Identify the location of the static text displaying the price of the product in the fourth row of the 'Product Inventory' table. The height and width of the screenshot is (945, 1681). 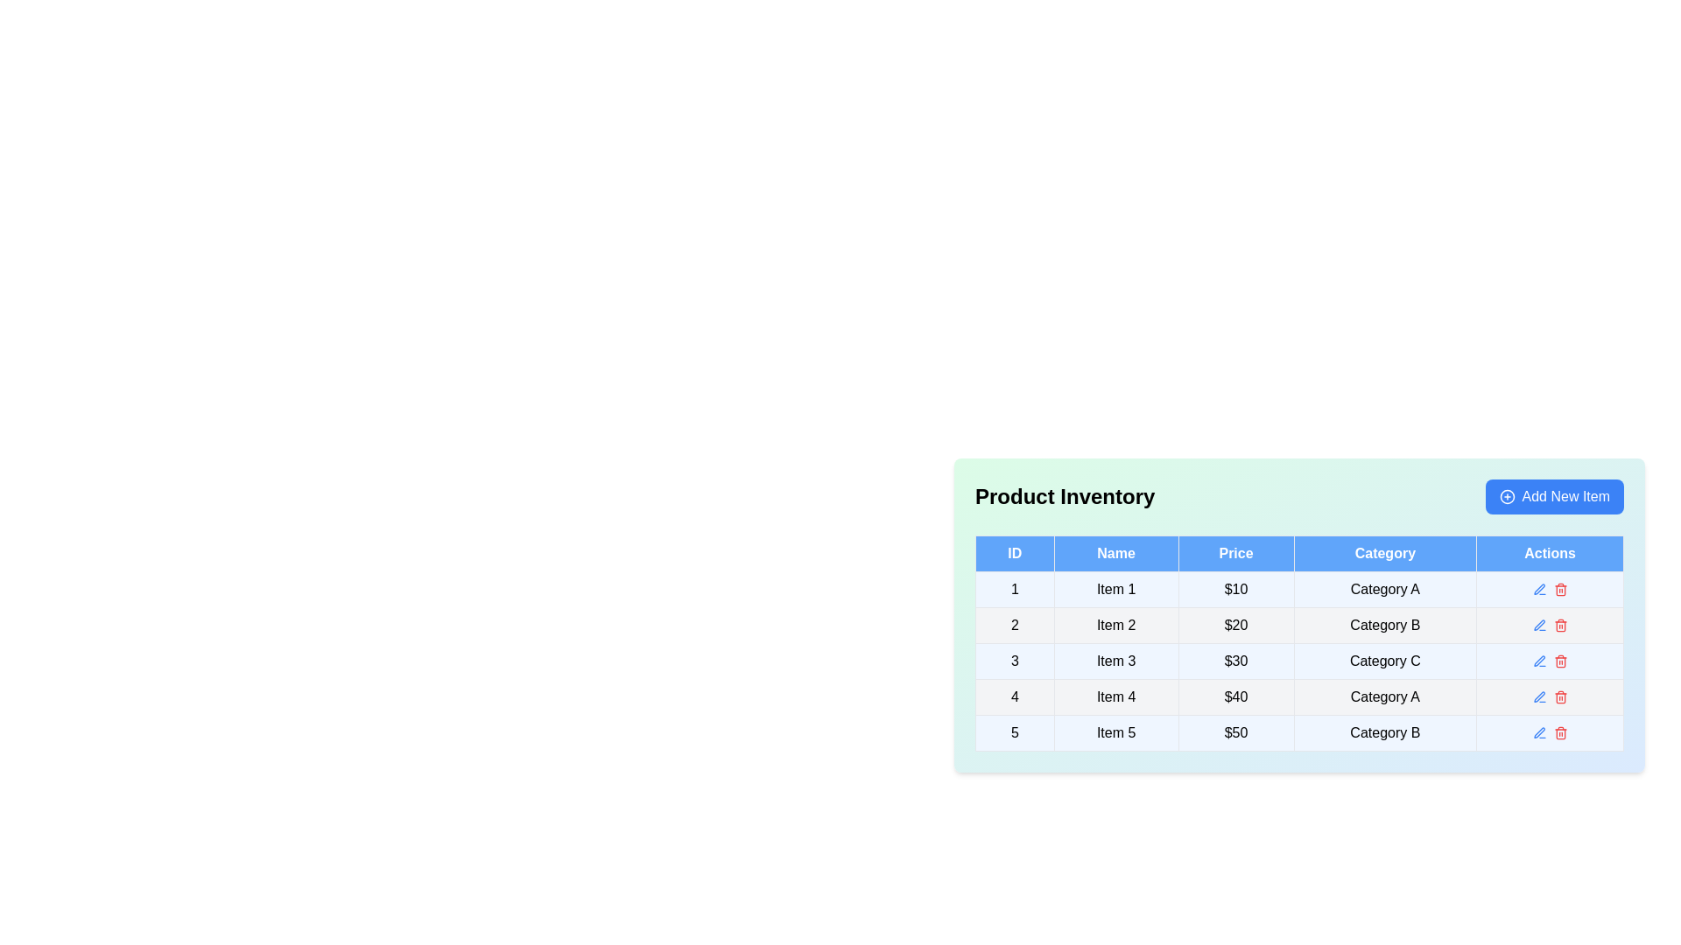
(1234, 696).